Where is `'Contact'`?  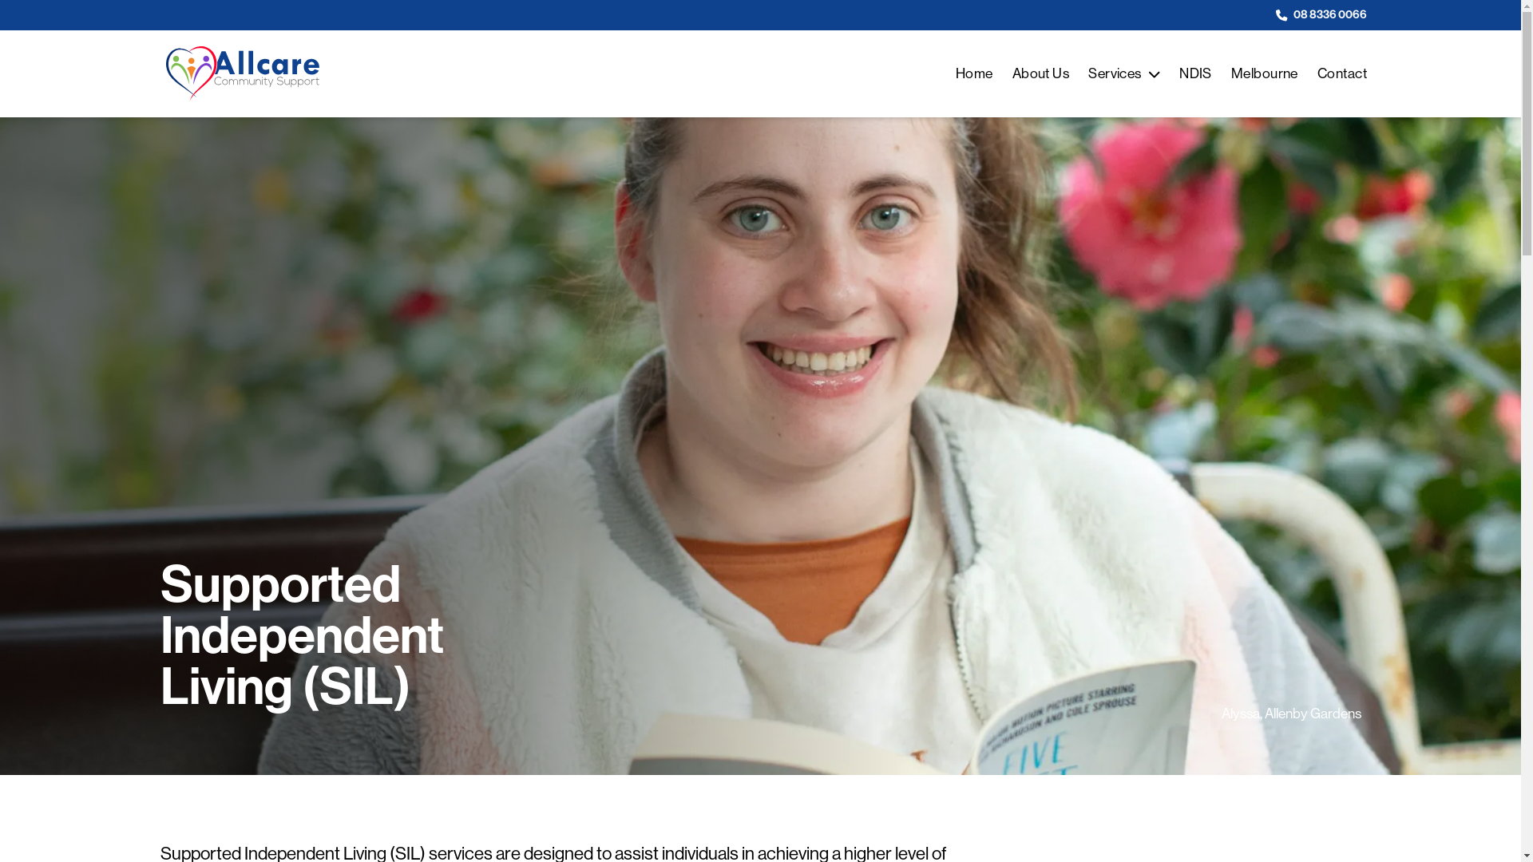 'Contact' is located at coordinates (1341, 73).